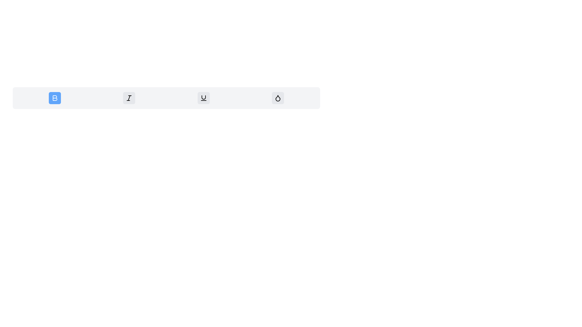 The image size is (582, 327). I want to click on the italic formatting button located in the horizontal toolbar, positioned second from the left between a blue 'B' icon and a gray 'U' icon, so click(129, 98).